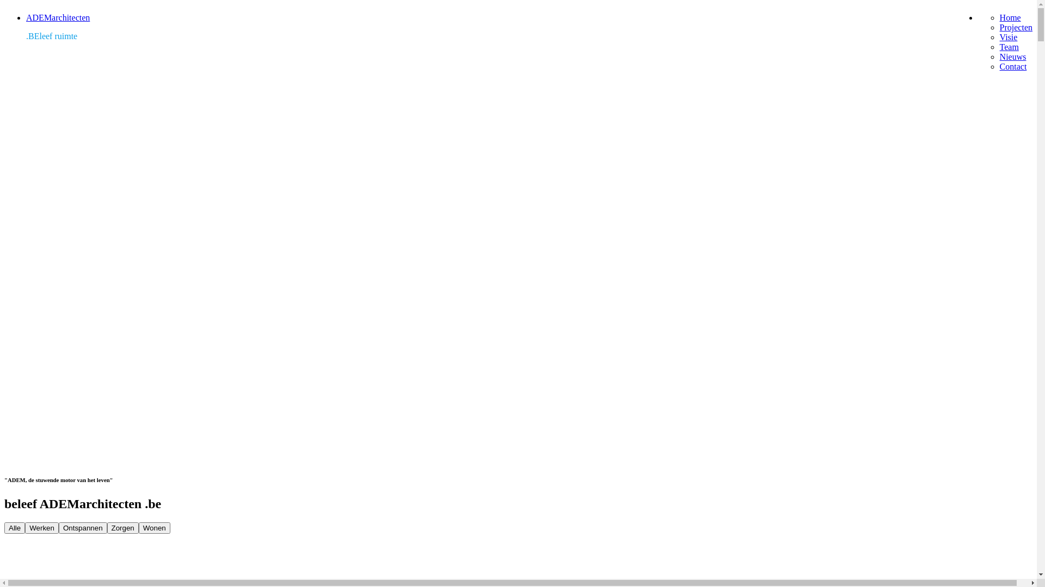 The image size is (1045, 587). What do you see at coordinates (1008, 36) in the screenshot?
I see `'Visie'` at bounding box center [1008, 36].